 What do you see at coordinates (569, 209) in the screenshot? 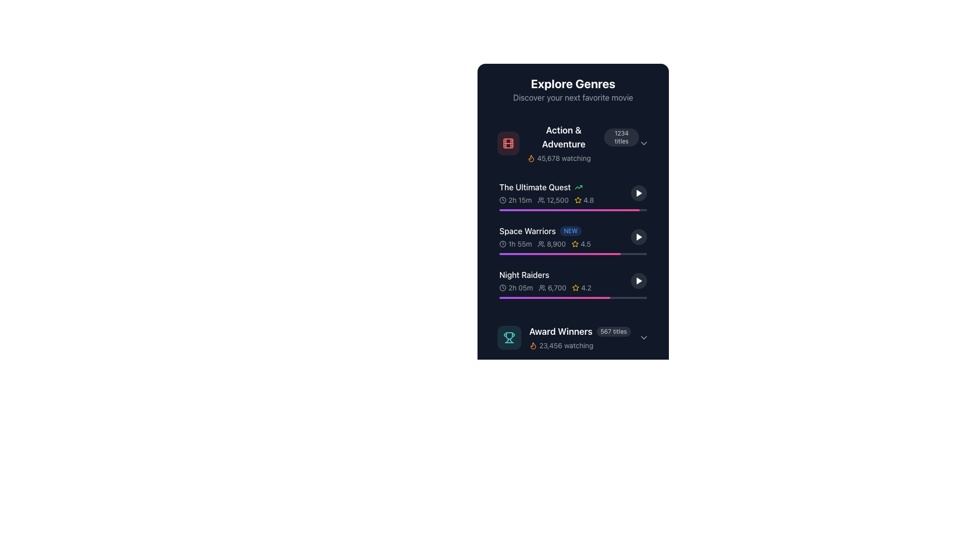
I see `the progress bar located under the section titled 'The Ultimate Quest', which visually indicates progress or percentage completion` at bounding box center [569, 209].